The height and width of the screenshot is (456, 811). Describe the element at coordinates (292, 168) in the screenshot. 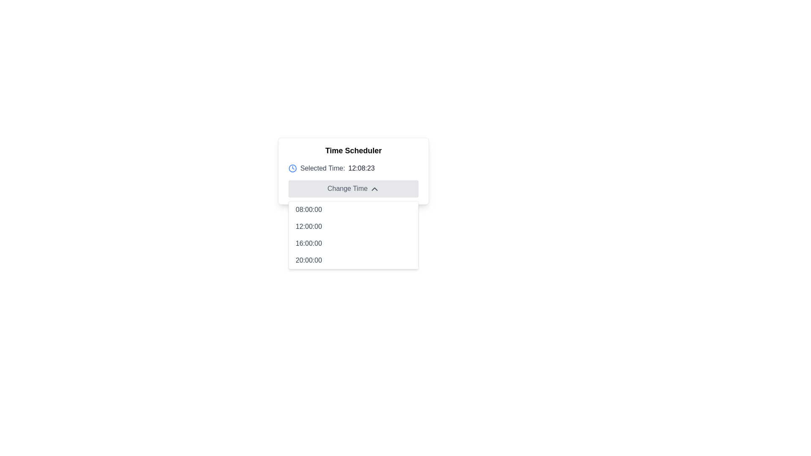

I see `the circular shape within the SVG clock icon located next to the timestamp 'Selected Time: 12:08:23' in the 'Time Scheduler' panel` at that location.